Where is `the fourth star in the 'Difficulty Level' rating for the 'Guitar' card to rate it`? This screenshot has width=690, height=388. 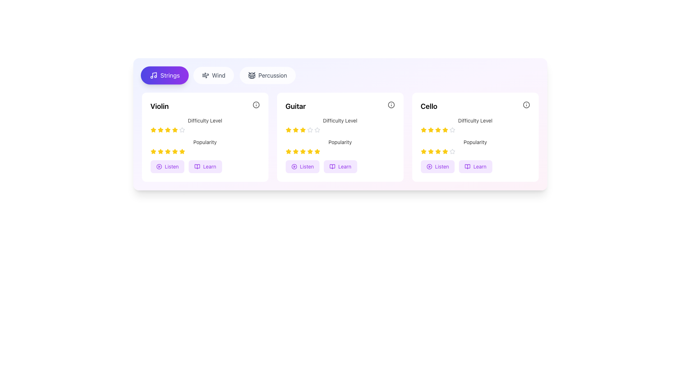 the fourth star in the 'Difficulty Level' rating for the 'Guitar' card to rate it is located at coordinates (317, 130).